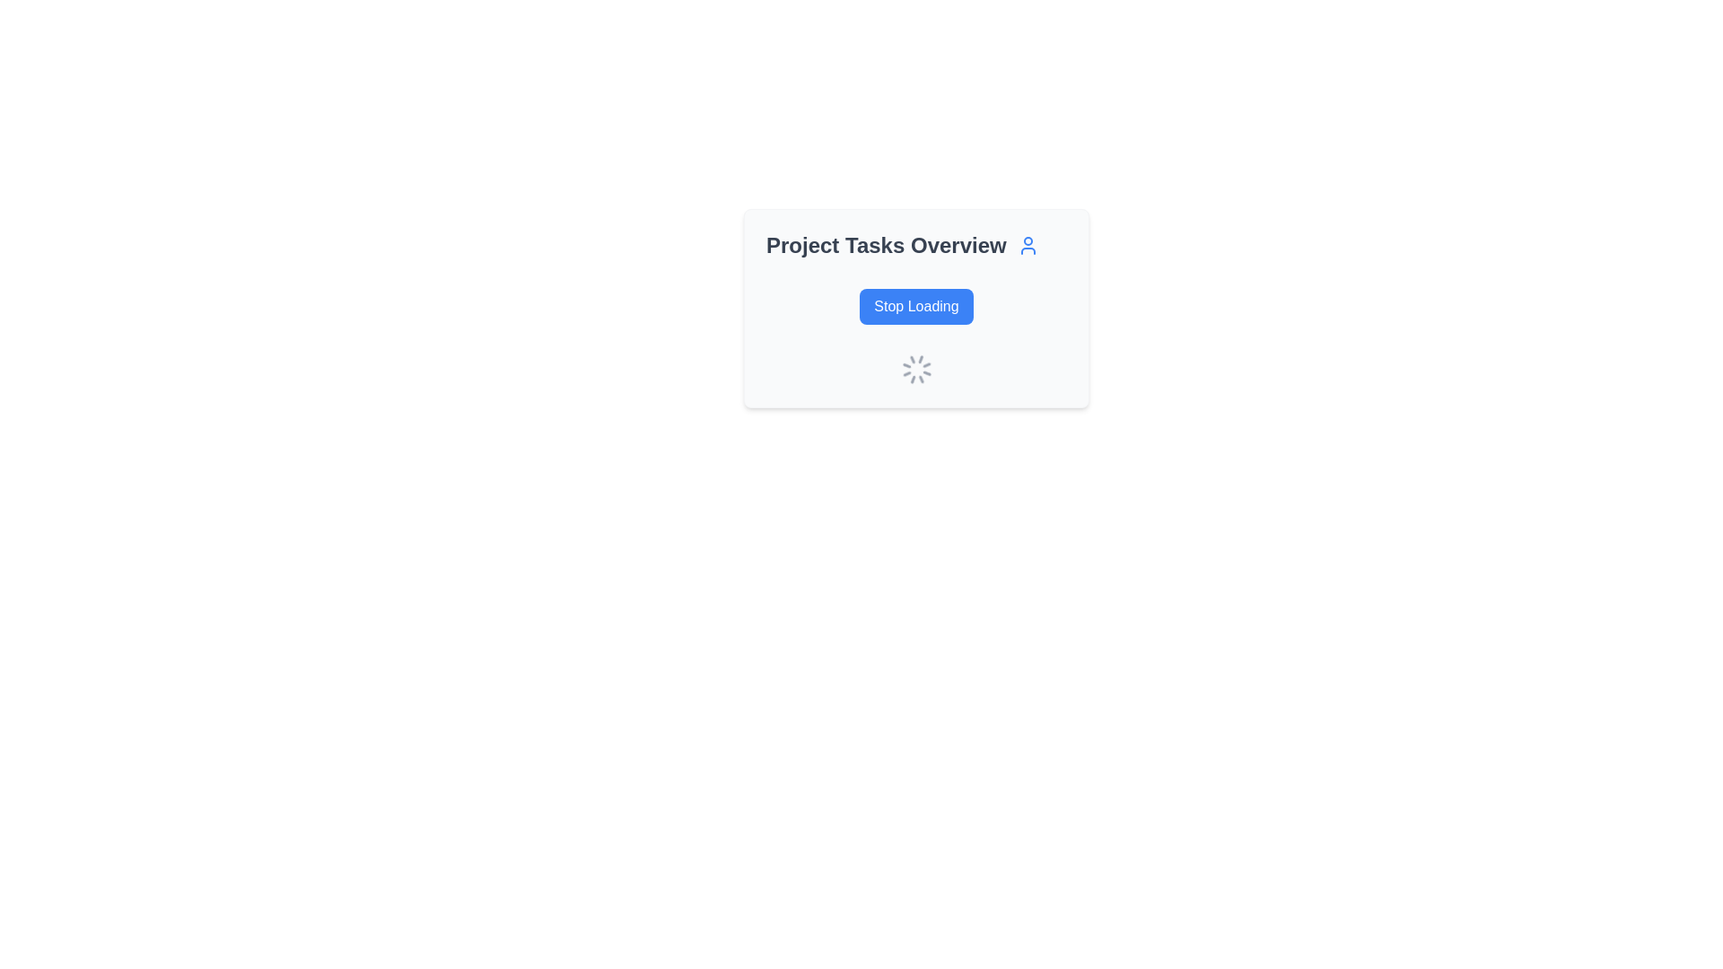  Describe the element at coordinates (916, 369) in the screenshot. I see `the loading spinner located beneath the 'Stop Loading' button in the 'Project Tasks Overview' section to understand the loading status` at that location.